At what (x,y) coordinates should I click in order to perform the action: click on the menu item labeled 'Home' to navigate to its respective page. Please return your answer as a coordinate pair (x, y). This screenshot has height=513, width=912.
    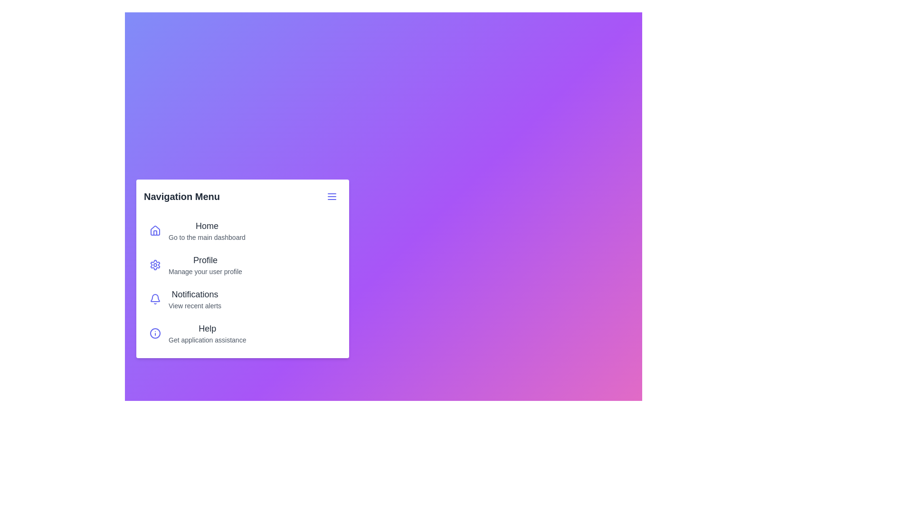
    Looking at the image, I should click on (242, 231).